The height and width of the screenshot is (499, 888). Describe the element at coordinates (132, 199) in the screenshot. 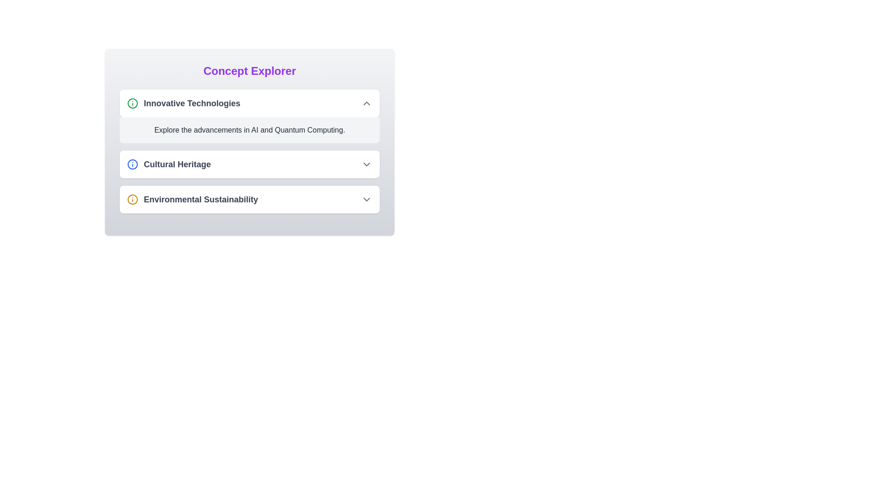

I see `the circular shape graphic component within the SVG icon that precedes the text 'Environmental Sustainability'` at that location.